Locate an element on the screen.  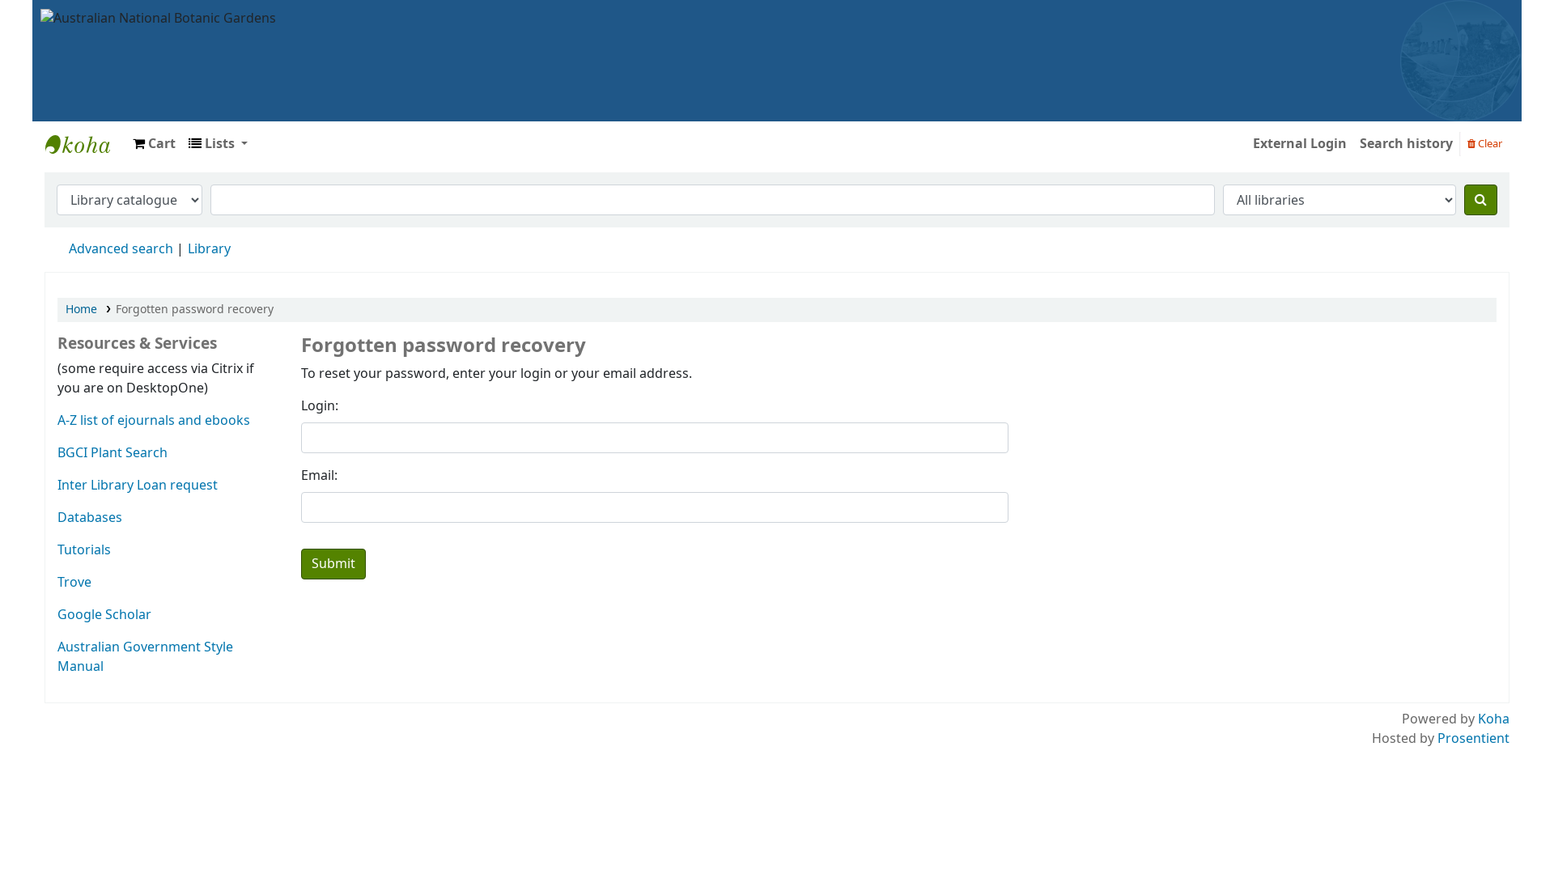
'Australian National Botanic Gardens' is located at coordinates (158, 19).